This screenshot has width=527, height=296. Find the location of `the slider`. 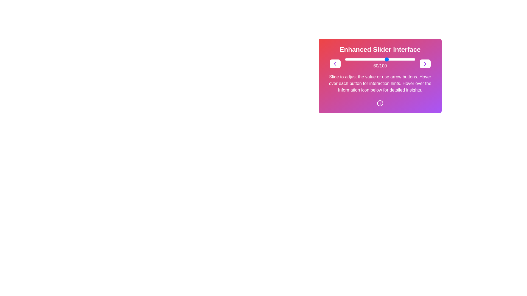

the slider is located at coordinates (370, 59).